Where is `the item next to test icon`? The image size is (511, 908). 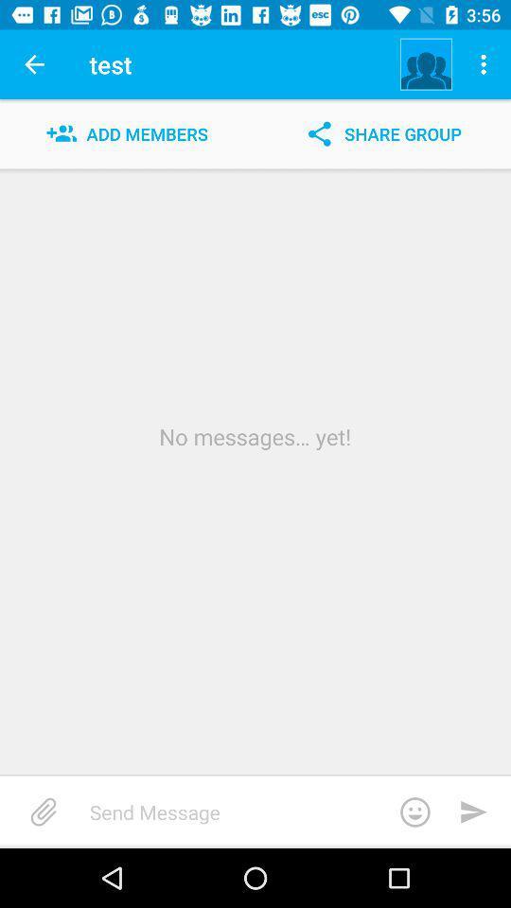 the item next to test icon is located at coordinates (34, 64).